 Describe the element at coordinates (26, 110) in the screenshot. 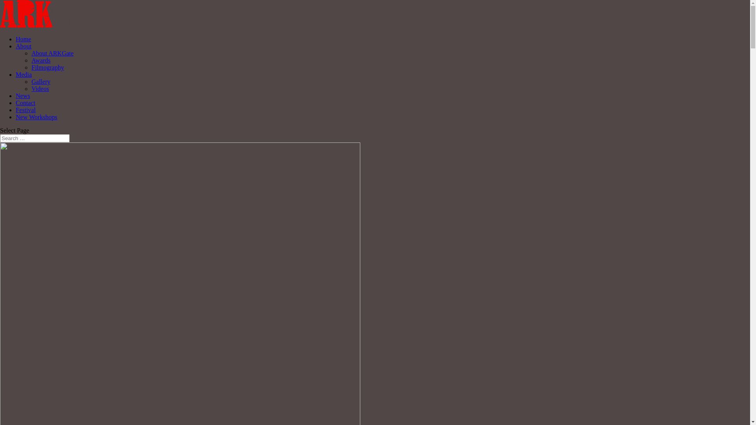

I see `'Festival'` at that location.